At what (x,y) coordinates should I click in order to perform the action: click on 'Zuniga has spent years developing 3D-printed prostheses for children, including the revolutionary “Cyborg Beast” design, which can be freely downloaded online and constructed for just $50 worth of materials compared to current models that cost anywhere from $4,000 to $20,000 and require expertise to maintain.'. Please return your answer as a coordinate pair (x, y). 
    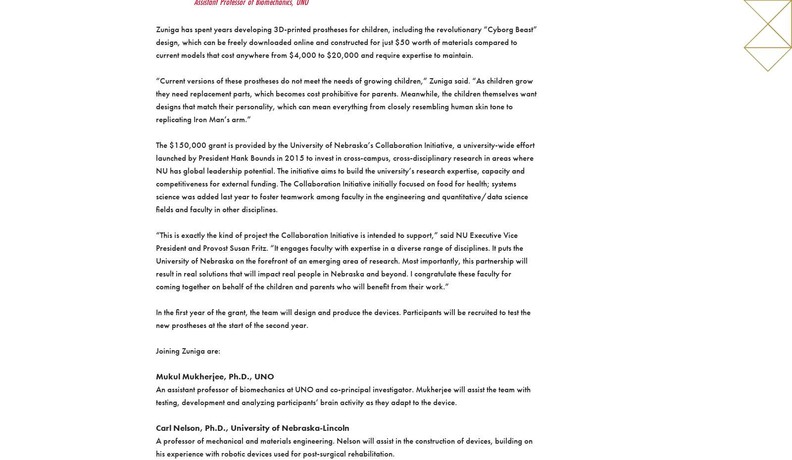
    Looking at the image, I should click on (346, 42).